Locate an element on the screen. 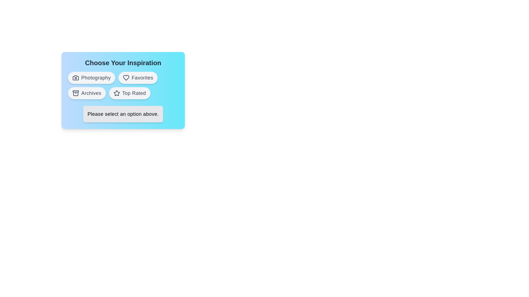 The image size is (529, 297). the heart-shaped SVG icon representing the Favorites feature, which is the second button in the top row of the user interface is located at coordinates (126, 78).